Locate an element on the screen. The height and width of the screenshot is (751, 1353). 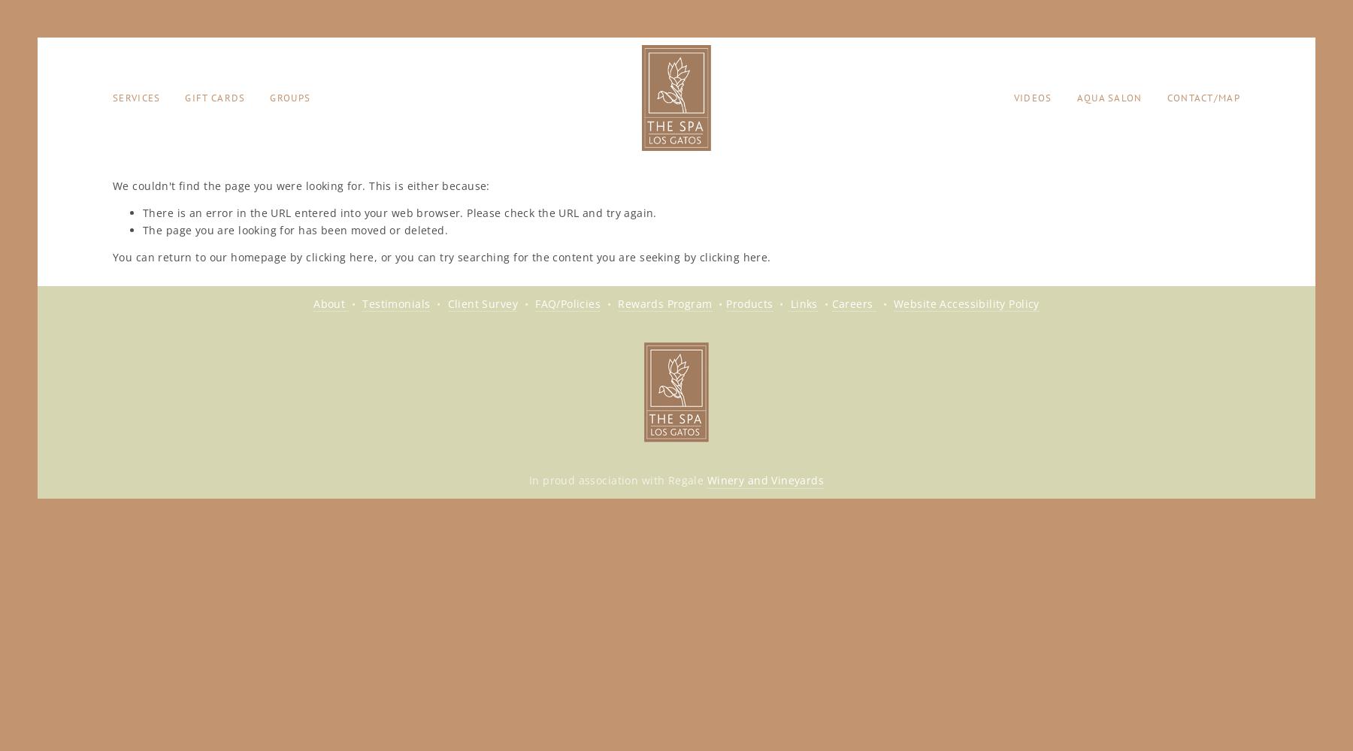
'Groups' is located at coordinates (289, 97).